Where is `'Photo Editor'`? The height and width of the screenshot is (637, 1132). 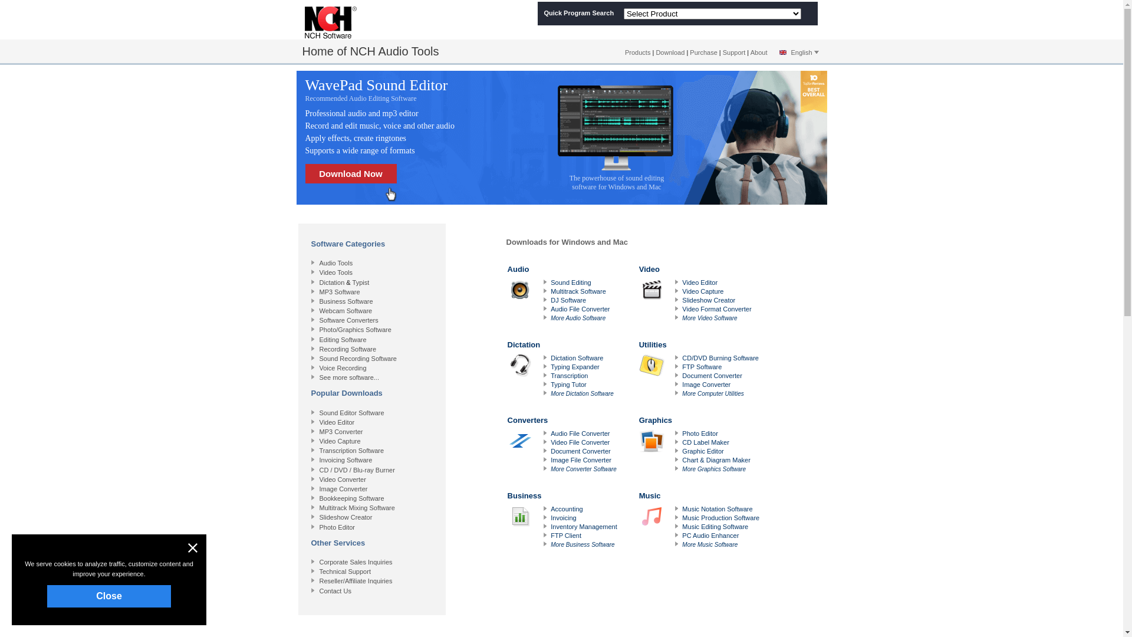
'Photo Editor' is located at coordinates (700, 434).